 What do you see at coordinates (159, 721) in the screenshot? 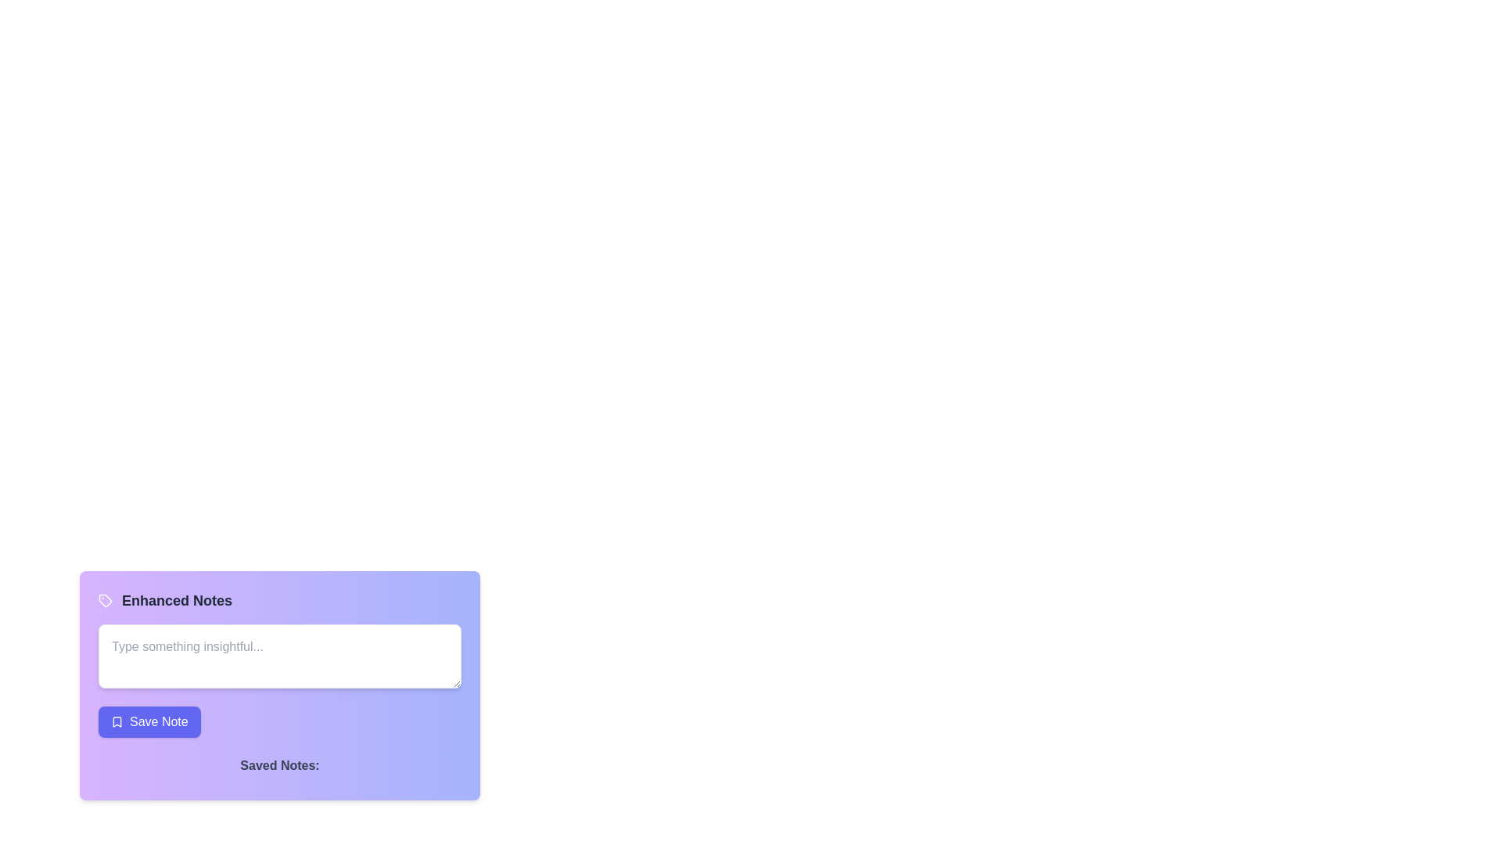
I see `the 'Save' button label located at the bottom-left part of the card interface` at bounding box center [159, 721].